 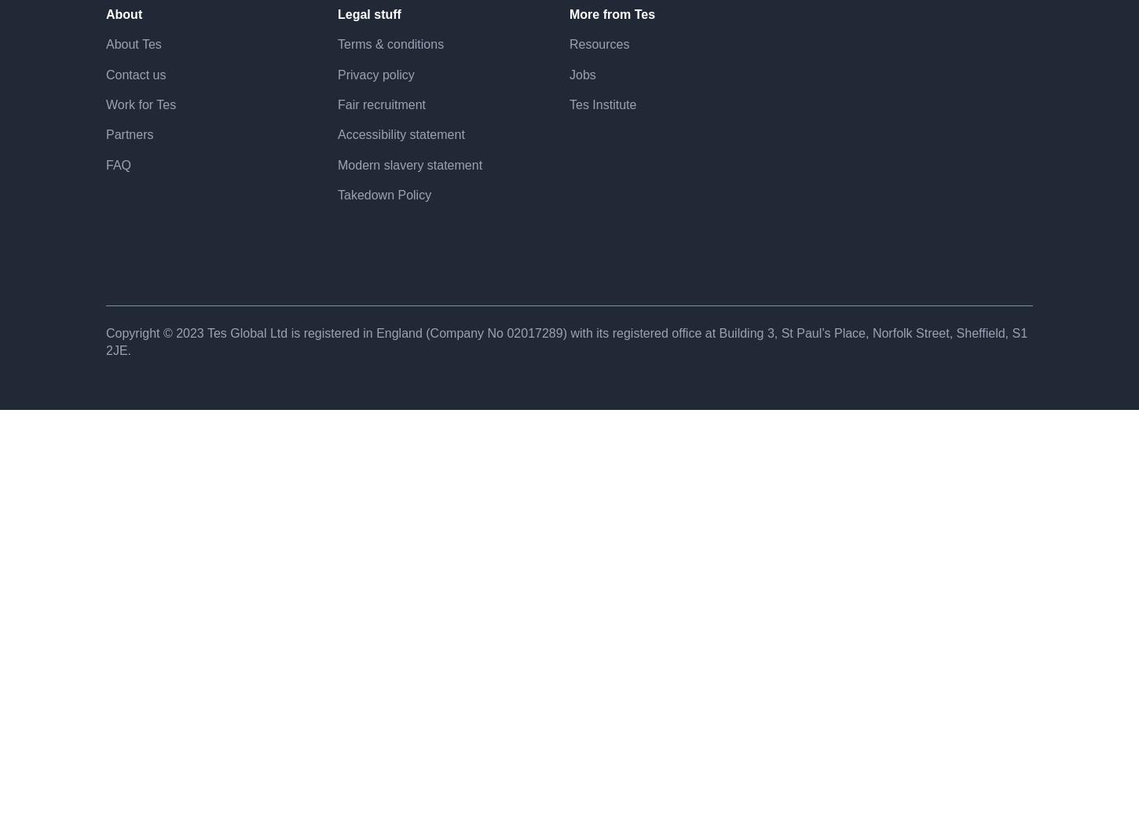 What do you see at coordinates (123, 68) in the screenshot?
I see `'About'` at bounding box center [123, 68].